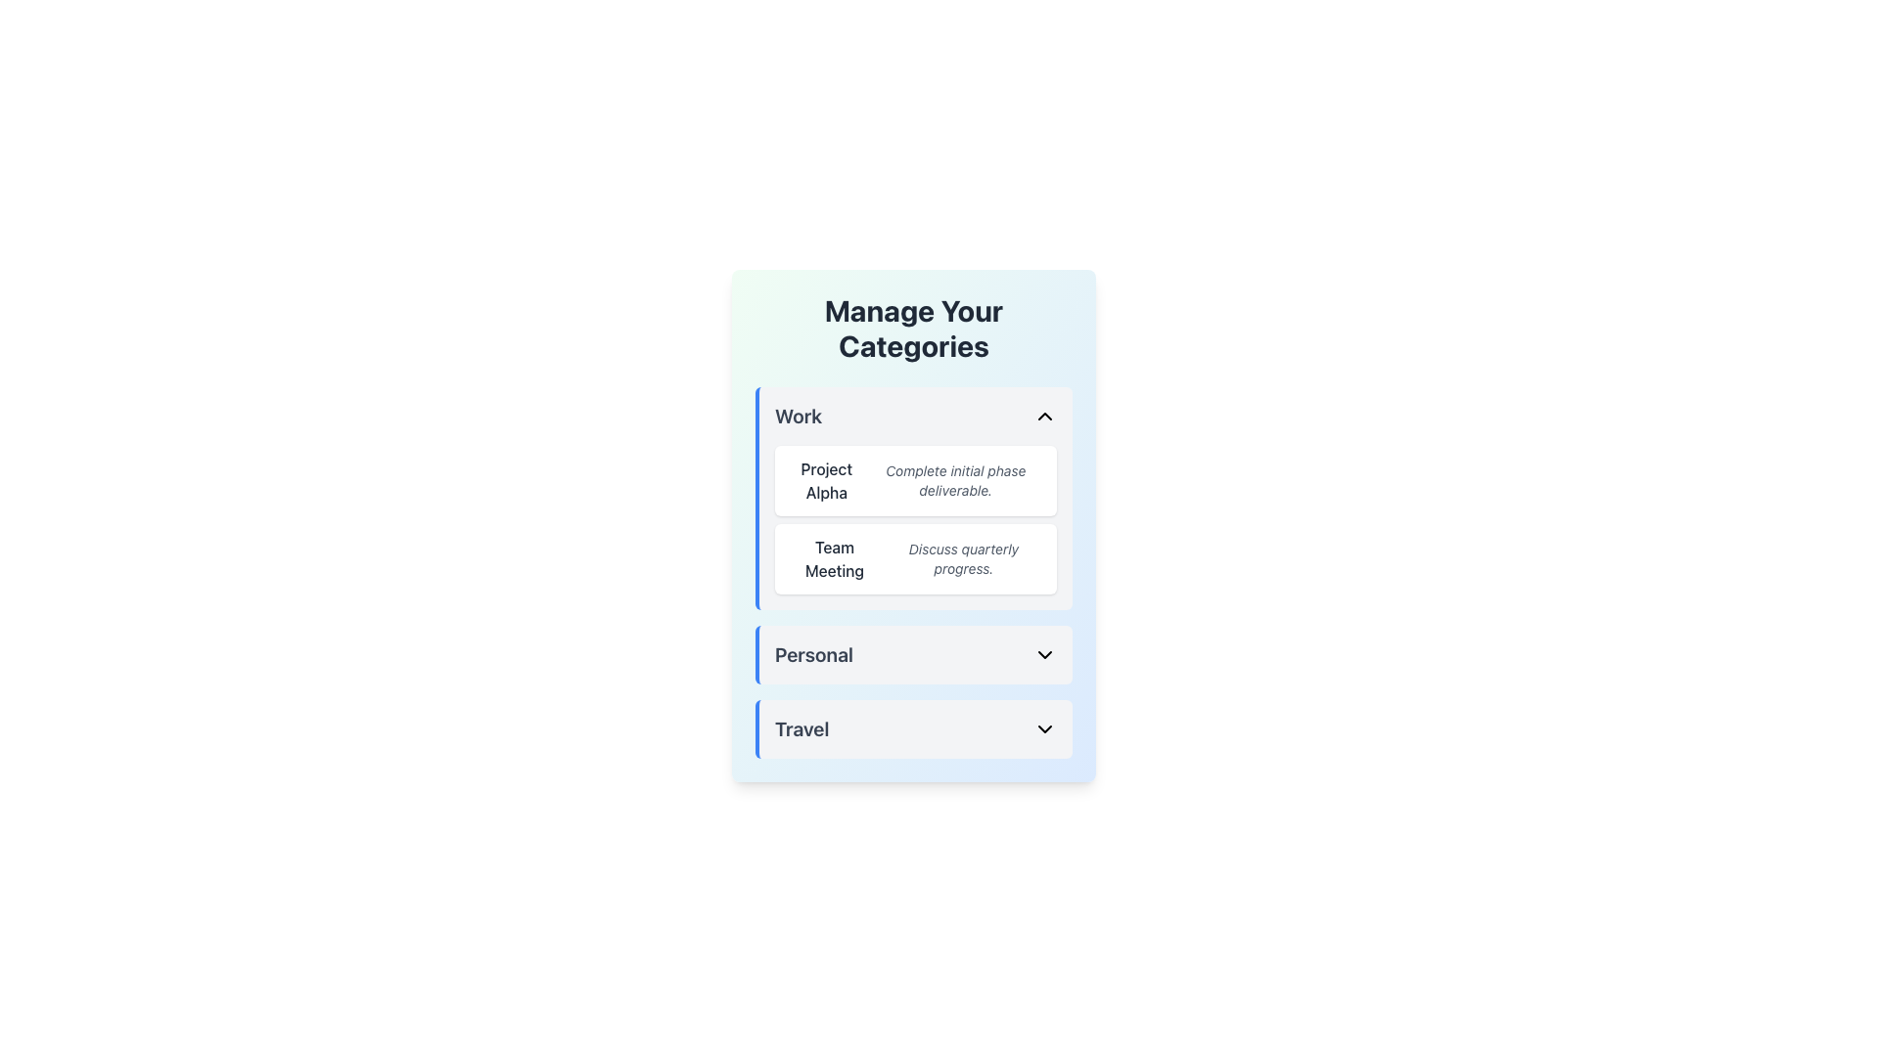 Image resolution: width=1879 pixels, height=1056 pixels. What do you see at coordinates (915, 519) in the screenshot?
I see `the second item in the list that describes 'Discuss quarterly progress.'` at bounding box center [915, 519].